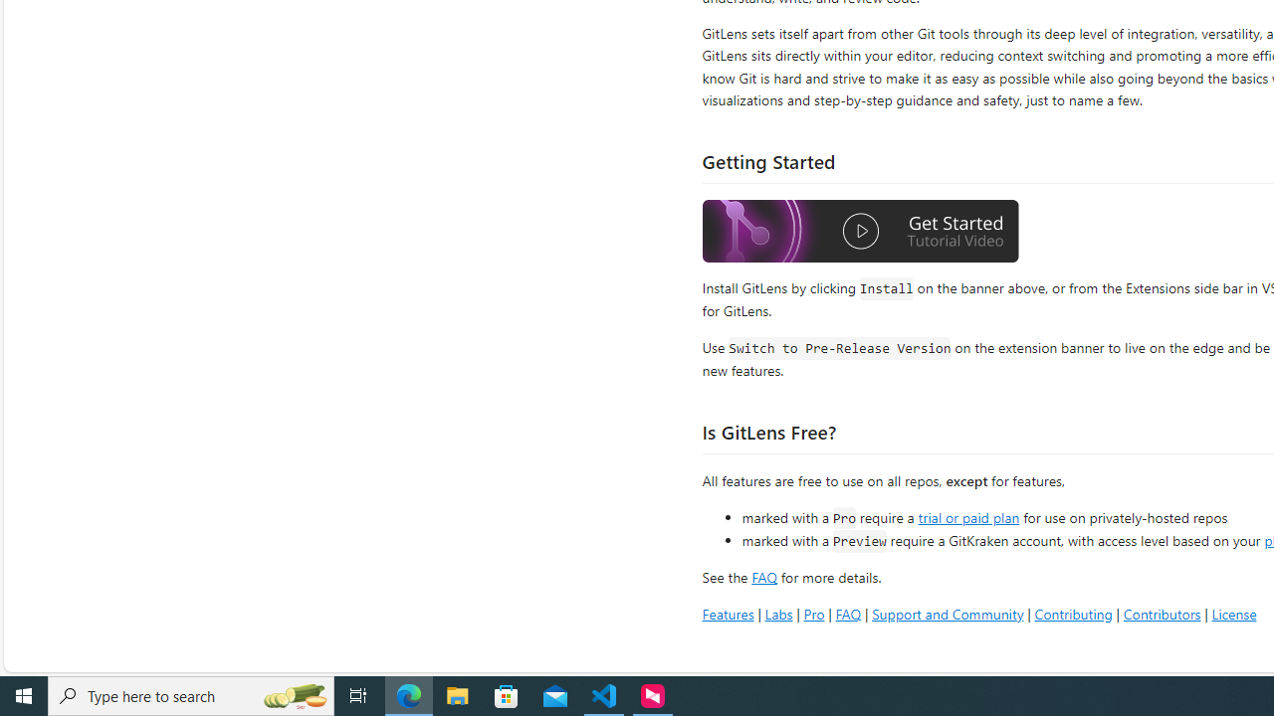 This screenshot has width=1274, height=716. What do you see at coordinates (727, 613) in the screenshot?
I see `'Features'` at bounding box center [727, 613].